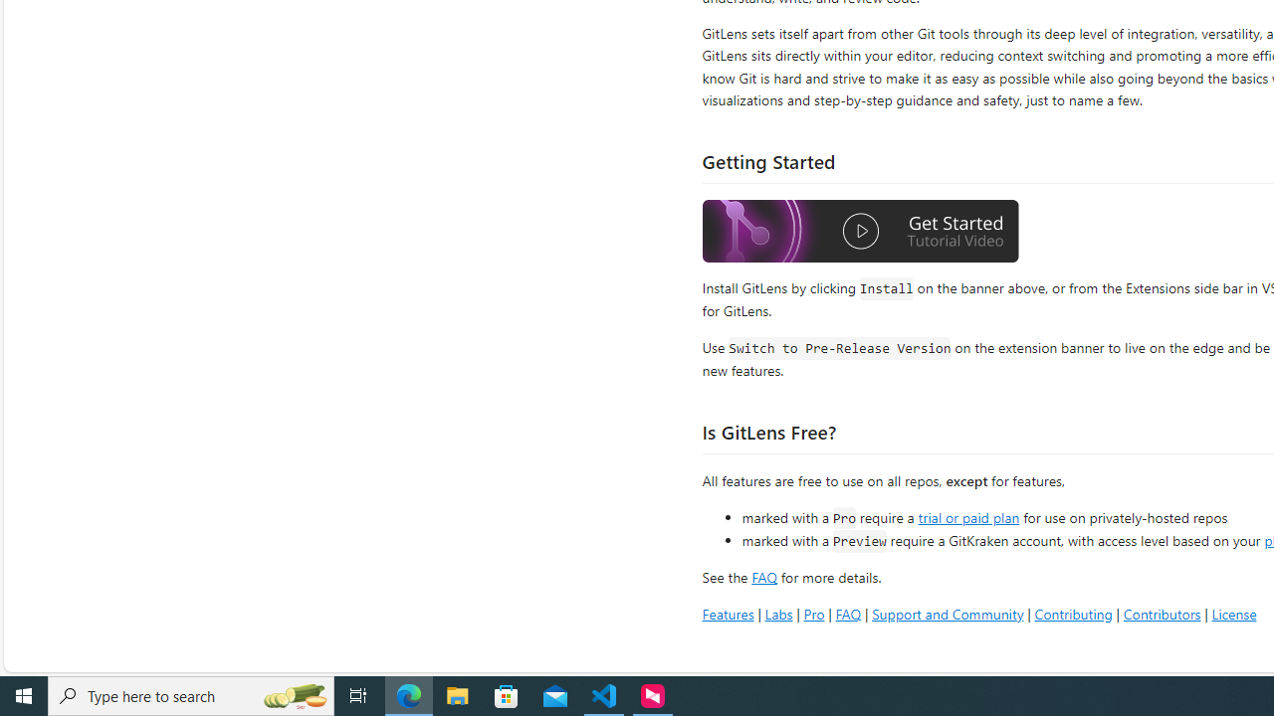 This screenshot has width=1274, height=716. What do you see at coordinates (727, 613) in the screenshot?
I see `'Features'` at bounding box center [727, 613].